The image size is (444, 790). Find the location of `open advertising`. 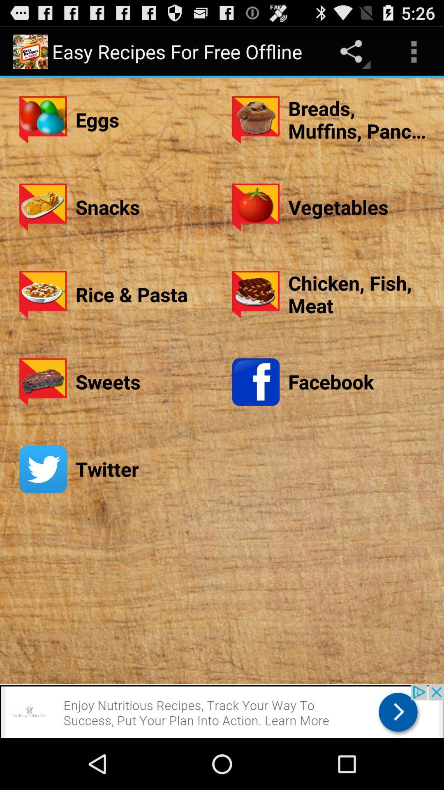

open advertising is located at coordinates (222, 711).